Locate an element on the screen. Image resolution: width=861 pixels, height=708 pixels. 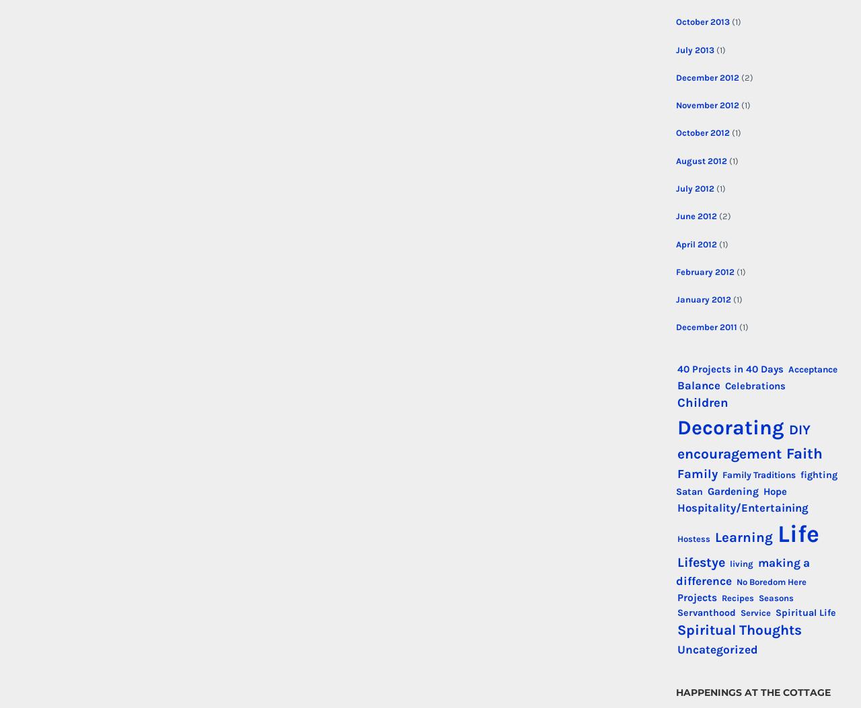
'Hostess' is located at coordinates (676, 539).